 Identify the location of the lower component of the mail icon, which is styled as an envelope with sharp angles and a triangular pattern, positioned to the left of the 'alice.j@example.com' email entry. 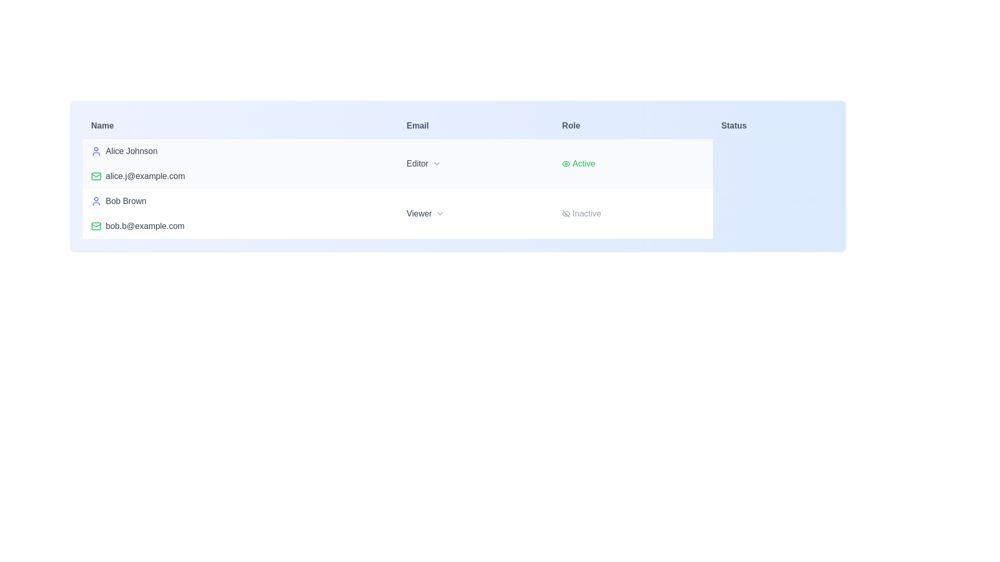
(96, 224).